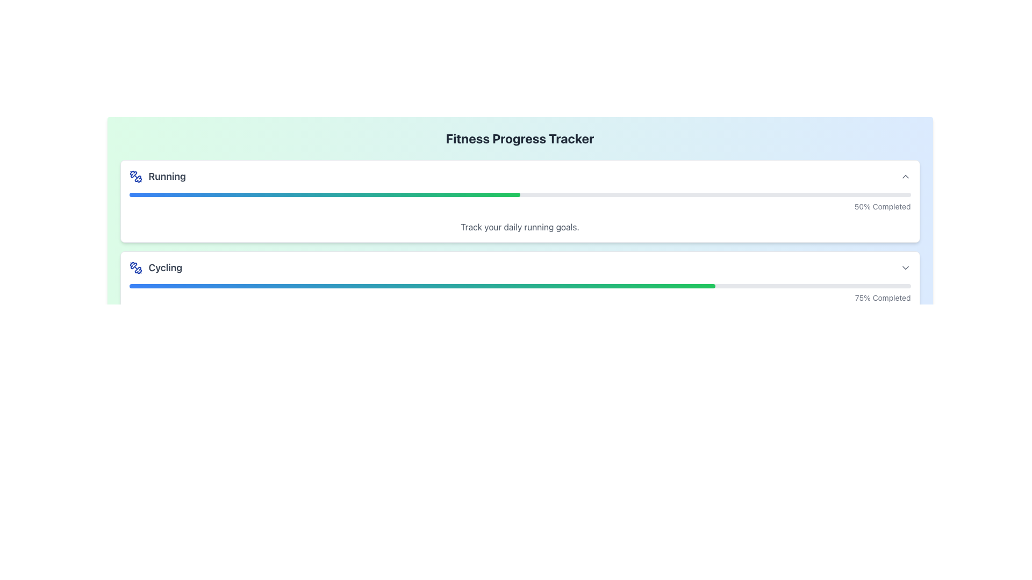 The width and height of the screenshot is (1032, 580). What do you see at coordinates (520, 194) in the screenshot?
I see `the progress bar located in the 'Running' section of the fitness progress tracker interface, which has a gray background and a gradient foreground transitioning from blue to green, covering approximately 50% of the total width` at bounding box center [520, 194].